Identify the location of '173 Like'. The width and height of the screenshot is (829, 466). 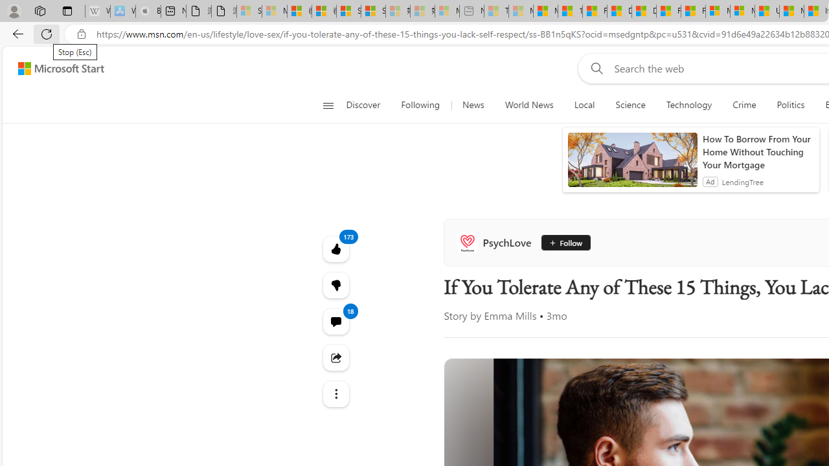
(335, 249).